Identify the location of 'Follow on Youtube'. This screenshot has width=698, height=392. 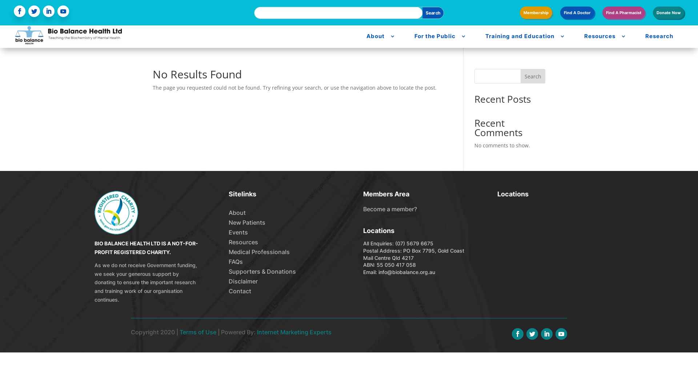
(57, 11).